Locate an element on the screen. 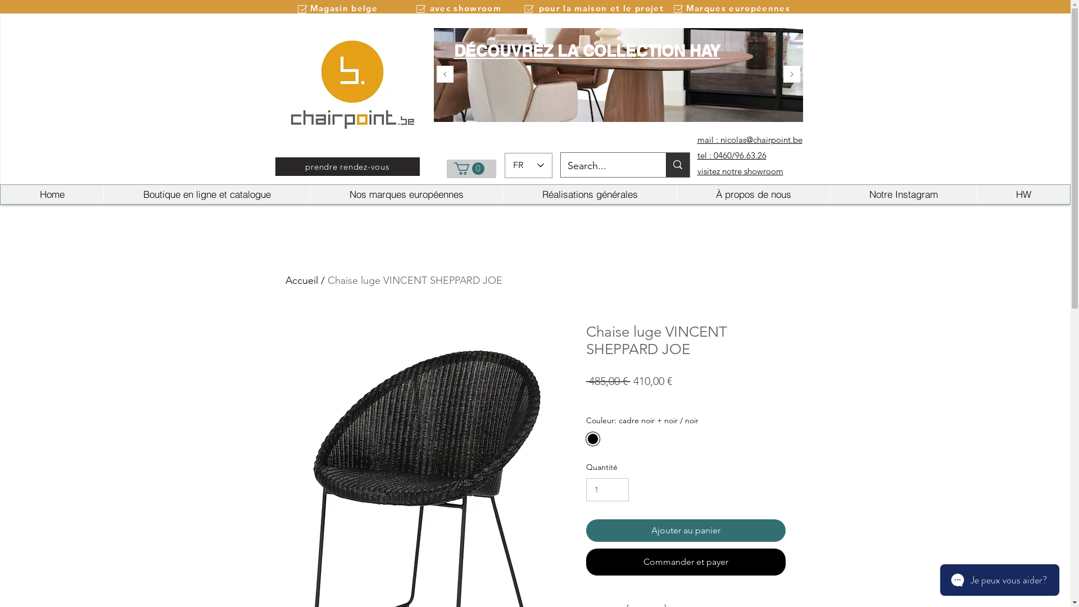 This screenshot has width=1079, height=607. 'visitez notre' is located at coordinates (718, 171).